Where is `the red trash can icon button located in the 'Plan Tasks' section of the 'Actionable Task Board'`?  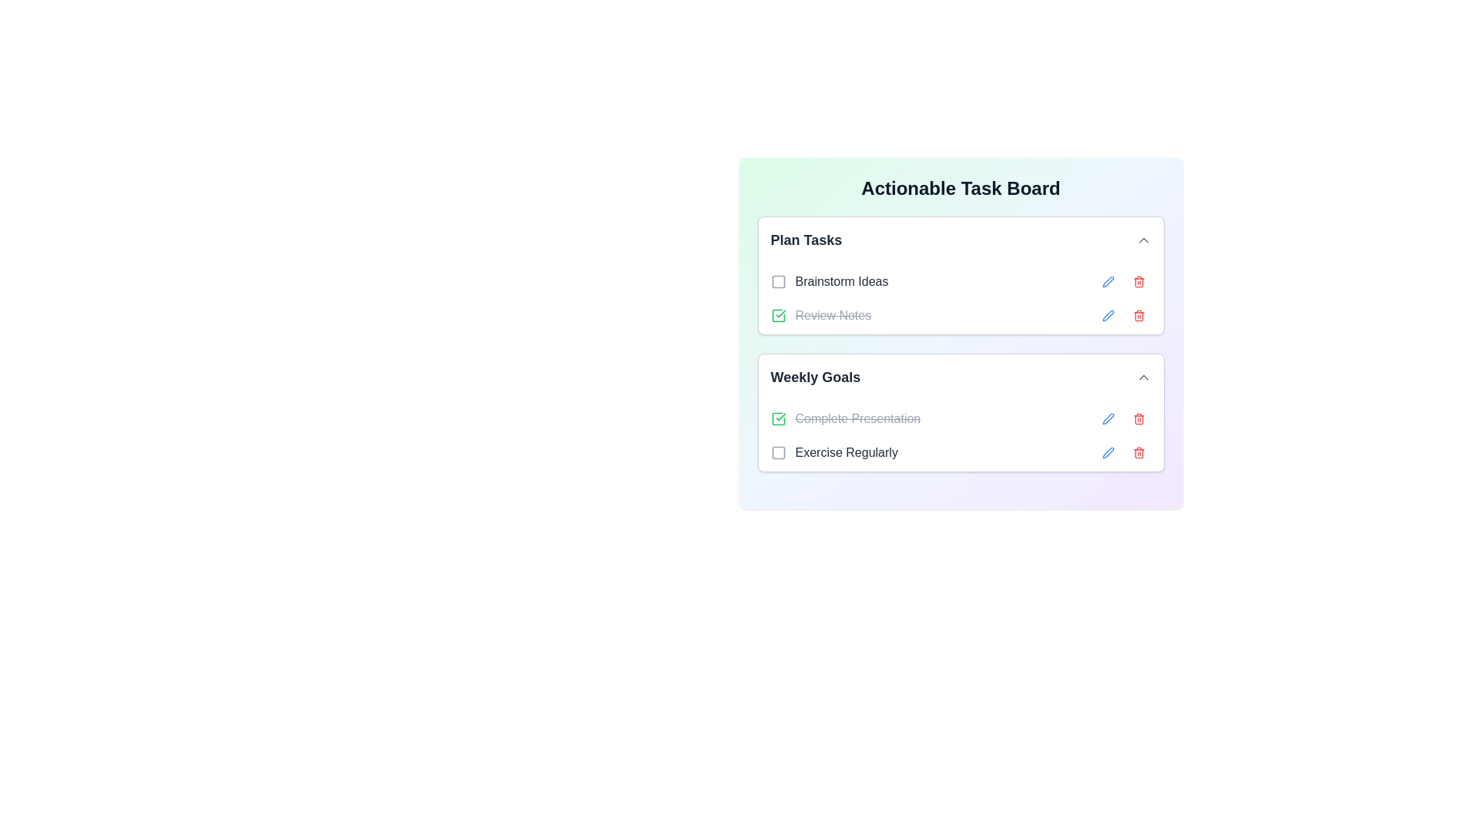 the red trash can icon button located in the 'Plan Tasks' section of the 'Actionable Task Board' is located at coordinates (1139, 282).